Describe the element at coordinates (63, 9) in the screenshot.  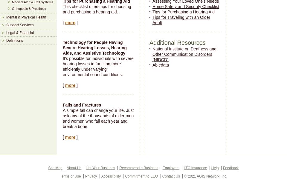
I see `'This checklist offers tips for choosing and purchasing a hearing aid.'` at that location.